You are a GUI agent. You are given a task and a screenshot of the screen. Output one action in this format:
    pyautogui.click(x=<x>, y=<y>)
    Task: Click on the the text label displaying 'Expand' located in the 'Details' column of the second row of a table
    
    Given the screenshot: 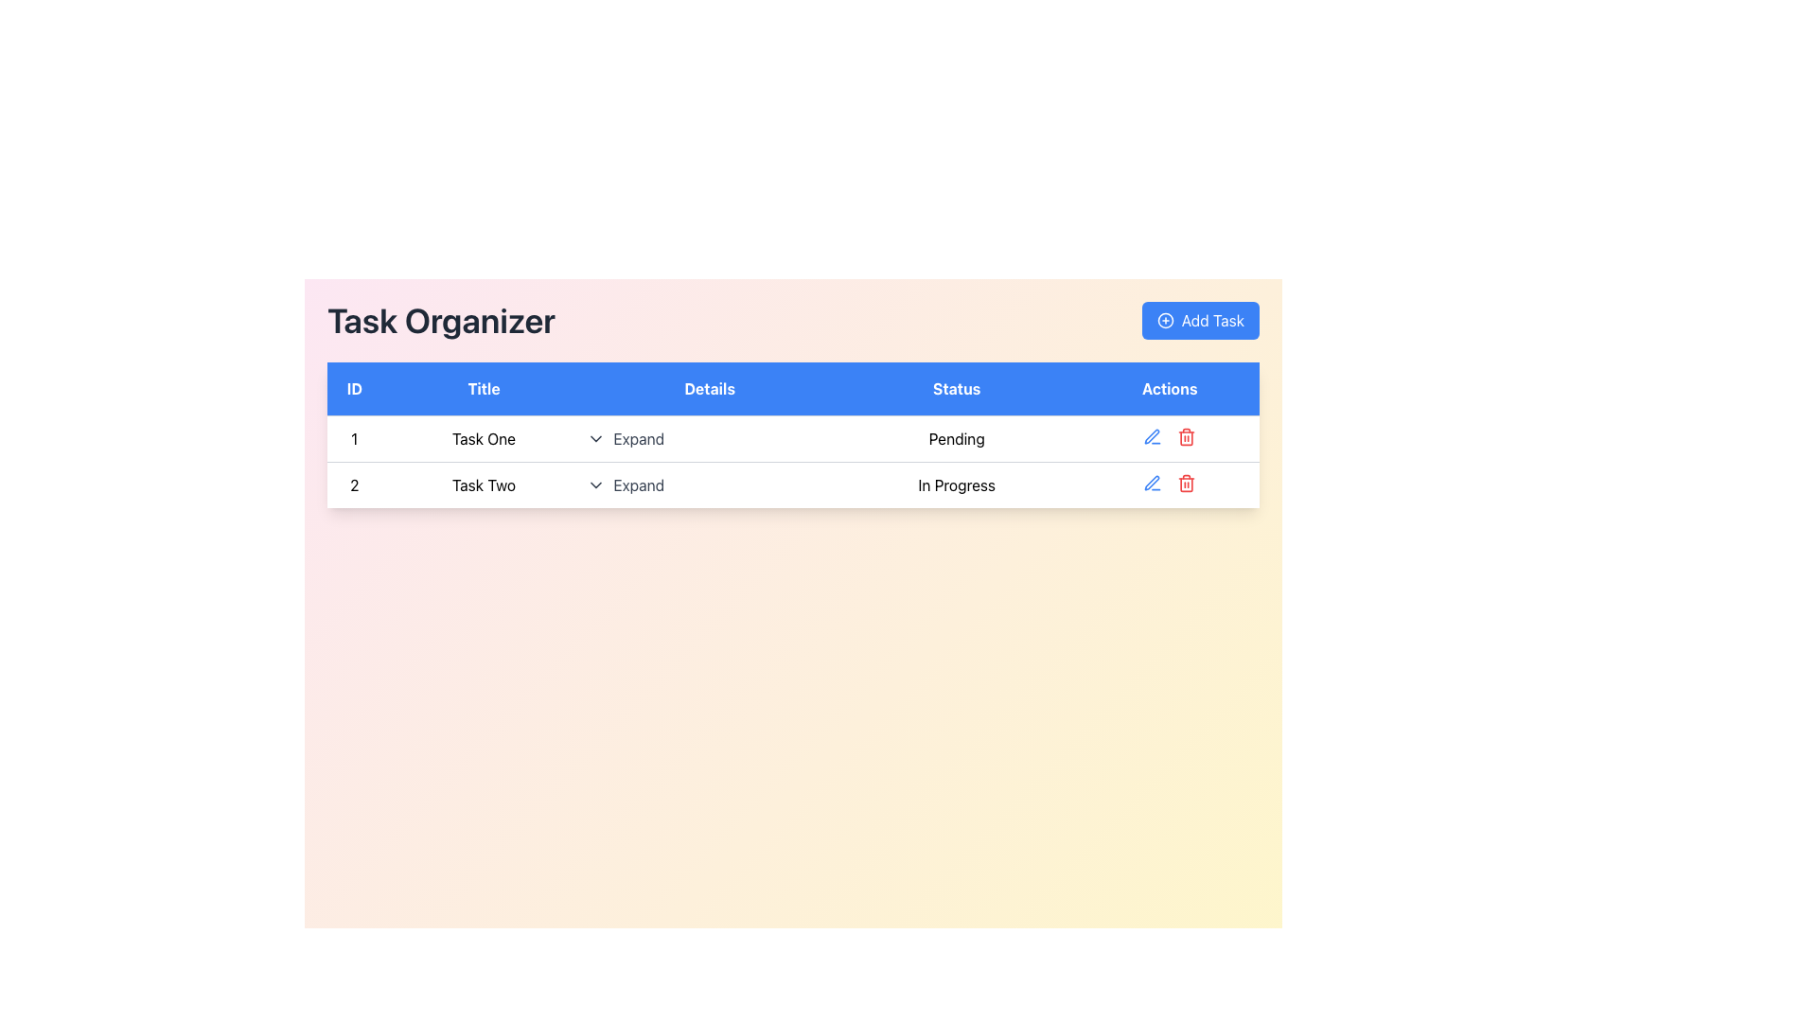 What is the action you would take?
    pyautogui.click(x=639, y=485)
    